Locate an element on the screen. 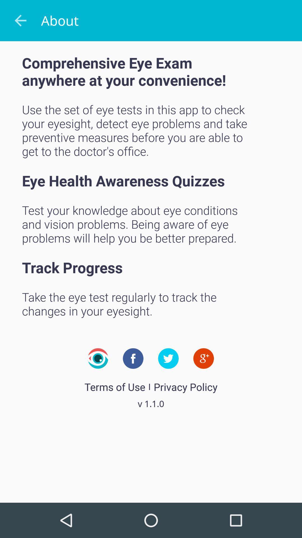  the facebook icon is located at coordinates (133, 358).